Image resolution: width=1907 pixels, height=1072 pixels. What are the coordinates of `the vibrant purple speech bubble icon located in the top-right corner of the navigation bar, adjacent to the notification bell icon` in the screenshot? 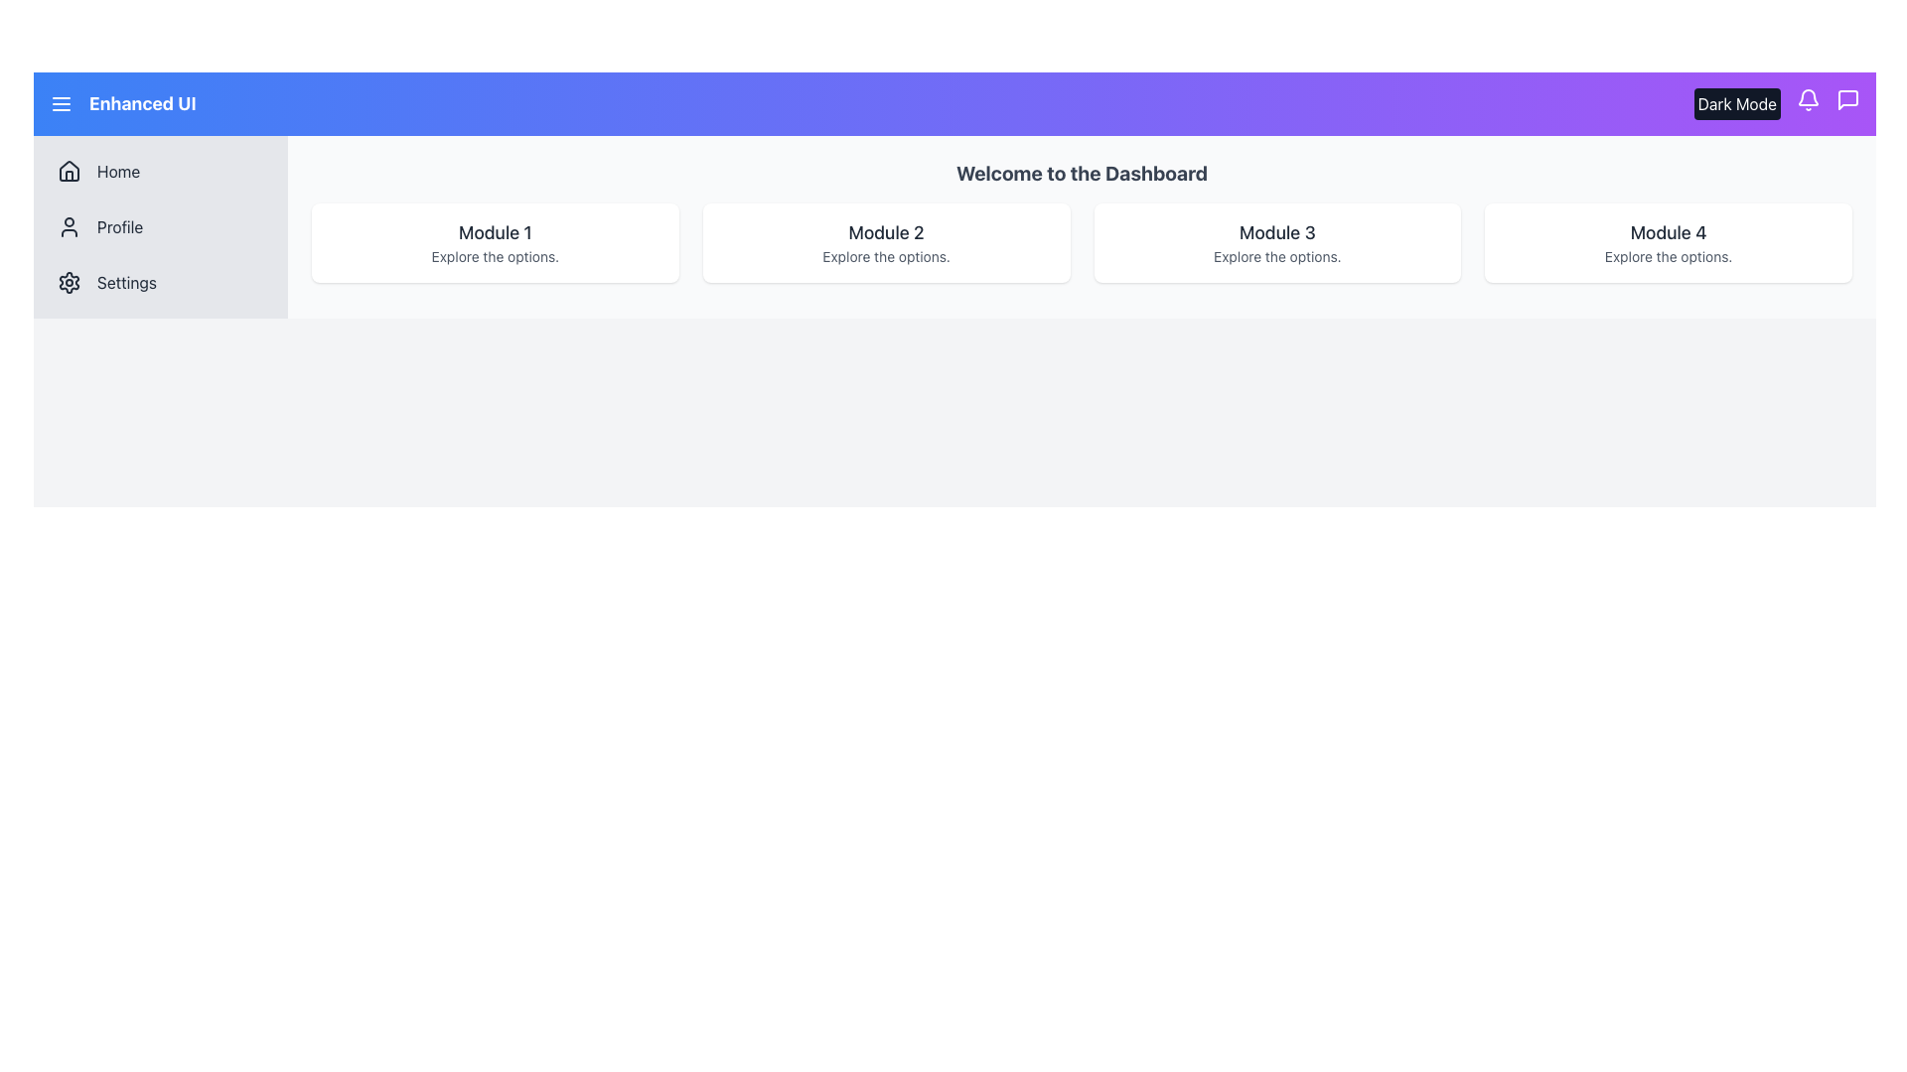 It's located at (1847, 99).